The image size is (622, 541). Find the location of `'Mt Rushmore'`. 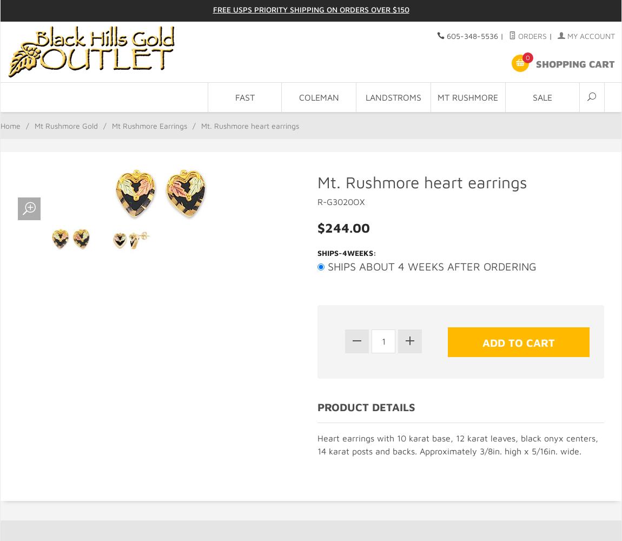

'Mt Rushmore' is located at coordinates (468, 97).